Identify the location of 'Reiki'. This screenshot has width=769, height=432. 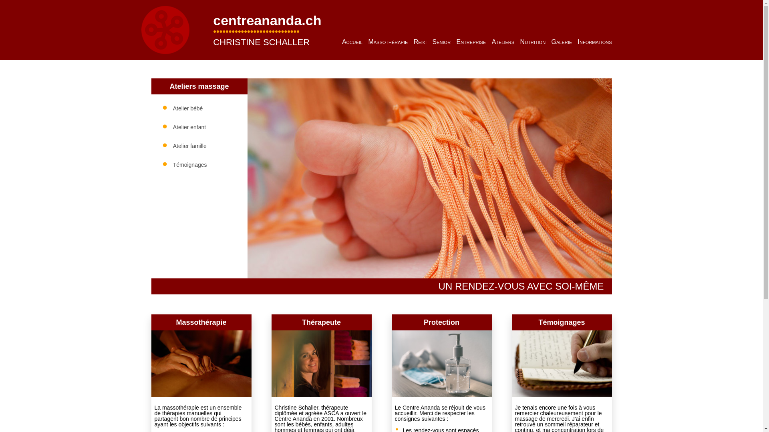
(420, 42).